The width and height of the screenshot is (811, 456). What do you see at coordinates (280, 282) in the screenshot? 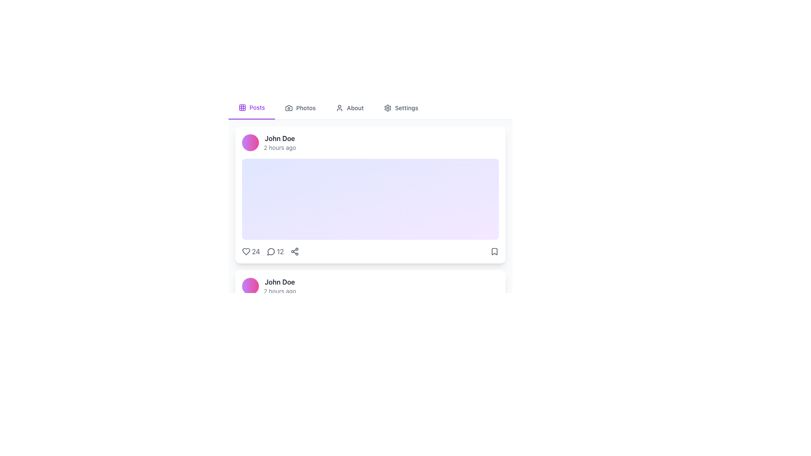
I see `the bolded text label displaying 'John Doe', which is prominently styled in dark gray and located in the user information block above the timestamp` at bounding box center [280, 282].